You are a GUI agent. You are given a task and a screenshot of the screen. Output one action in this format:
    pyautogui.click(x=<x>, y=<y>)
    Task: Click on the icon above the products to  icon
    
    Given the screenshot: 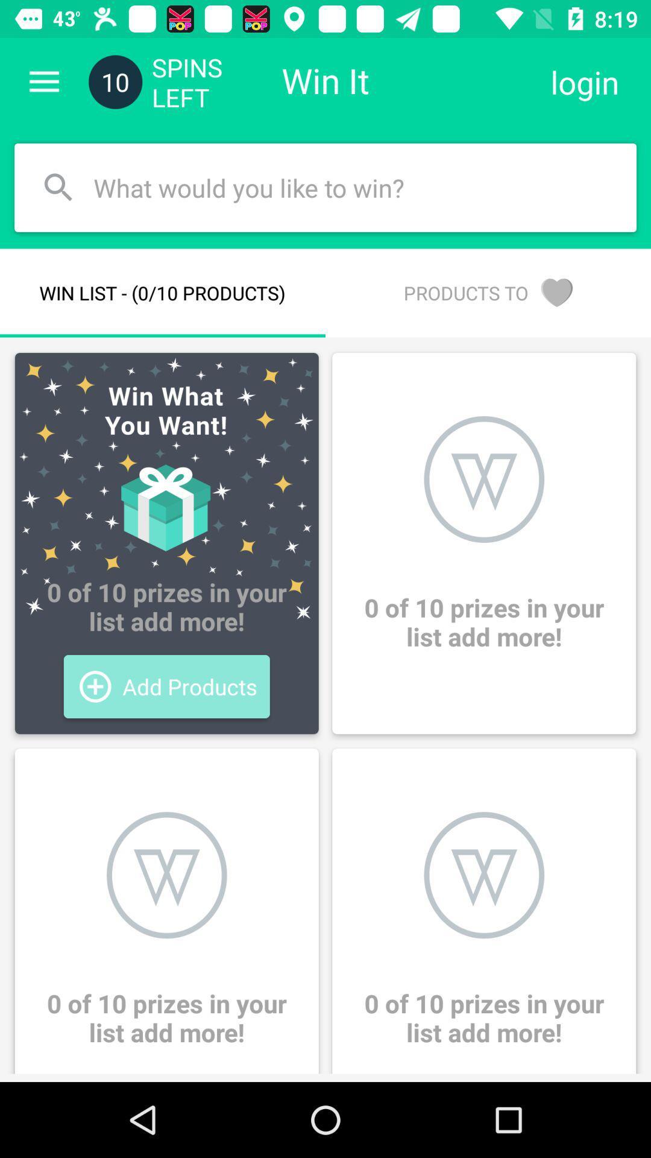 What is the action you would take?
    pyautogui.click(x=584, y=81)
    